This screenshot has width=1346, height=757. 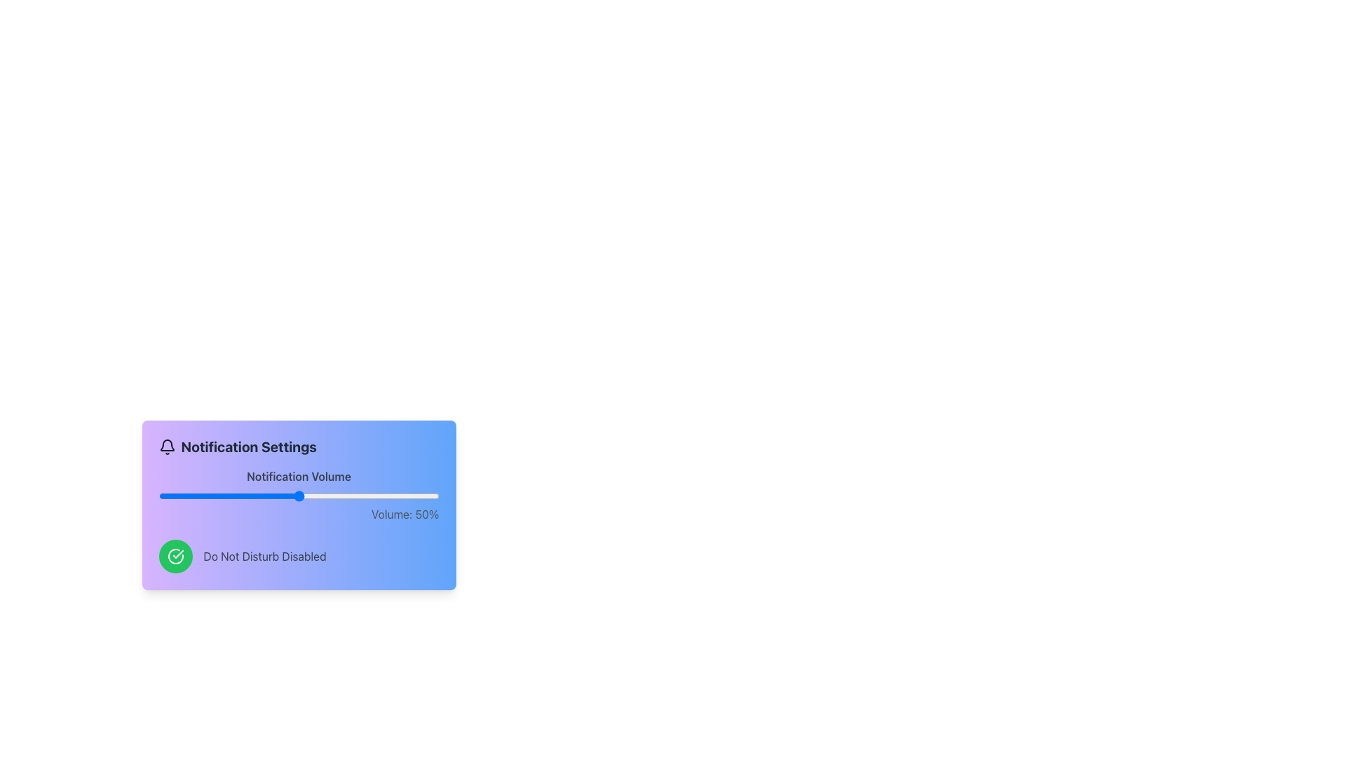 What do you see at coordinates (262, 496) in the screenshot?
I see `the notification volume` at bounding box center [262, 496].